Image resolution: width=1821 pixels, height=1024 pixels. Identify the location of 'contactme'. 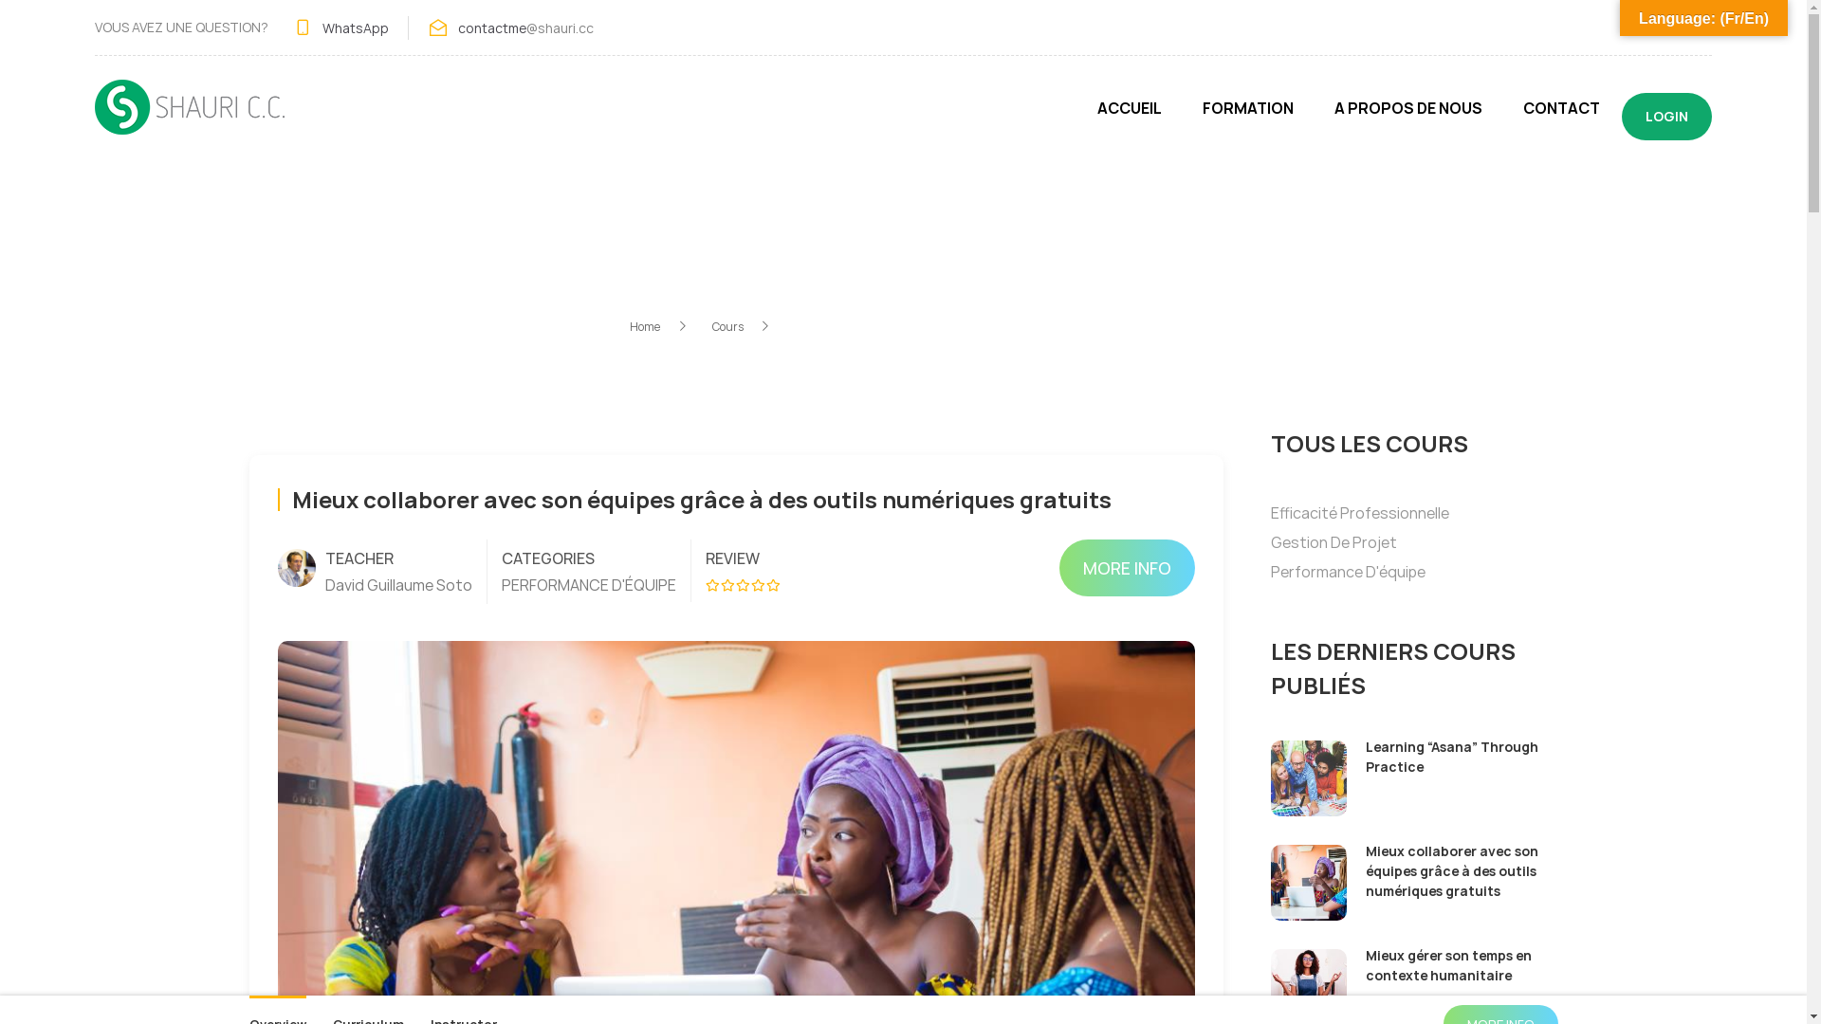
(491, 27).